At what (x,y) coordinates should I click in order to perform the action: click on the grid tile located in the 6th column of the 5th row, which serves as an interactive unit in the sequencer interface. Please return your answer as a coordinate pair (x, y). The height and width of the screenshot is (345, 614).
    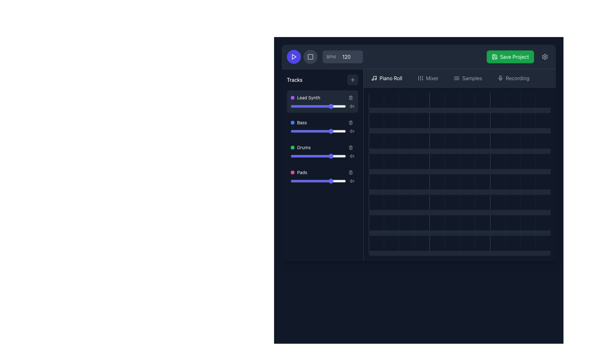
    Looking at the image, I should click on (437, 222).